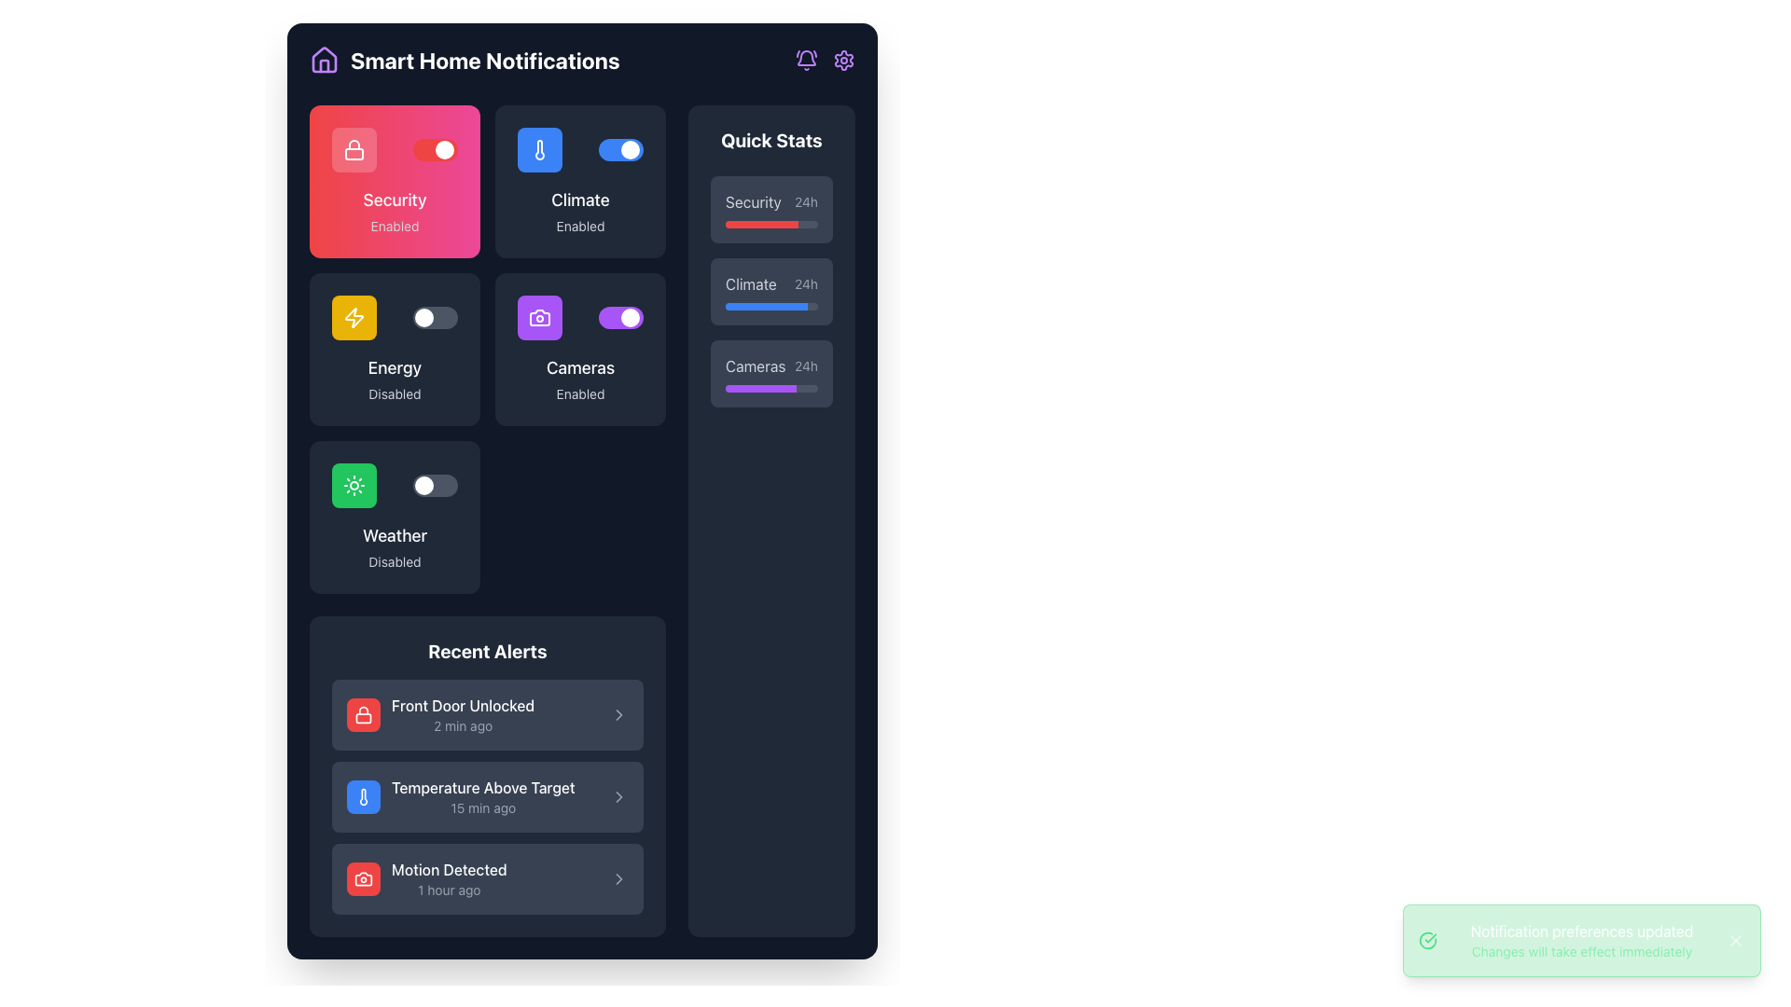  Describe the element at coordinates (363, 797) in the screenshot. I see `the icon in the 'Recent Alerts' section that represents the alert type for 'Temperature Above Target', located to the left of the alert text` at that location.